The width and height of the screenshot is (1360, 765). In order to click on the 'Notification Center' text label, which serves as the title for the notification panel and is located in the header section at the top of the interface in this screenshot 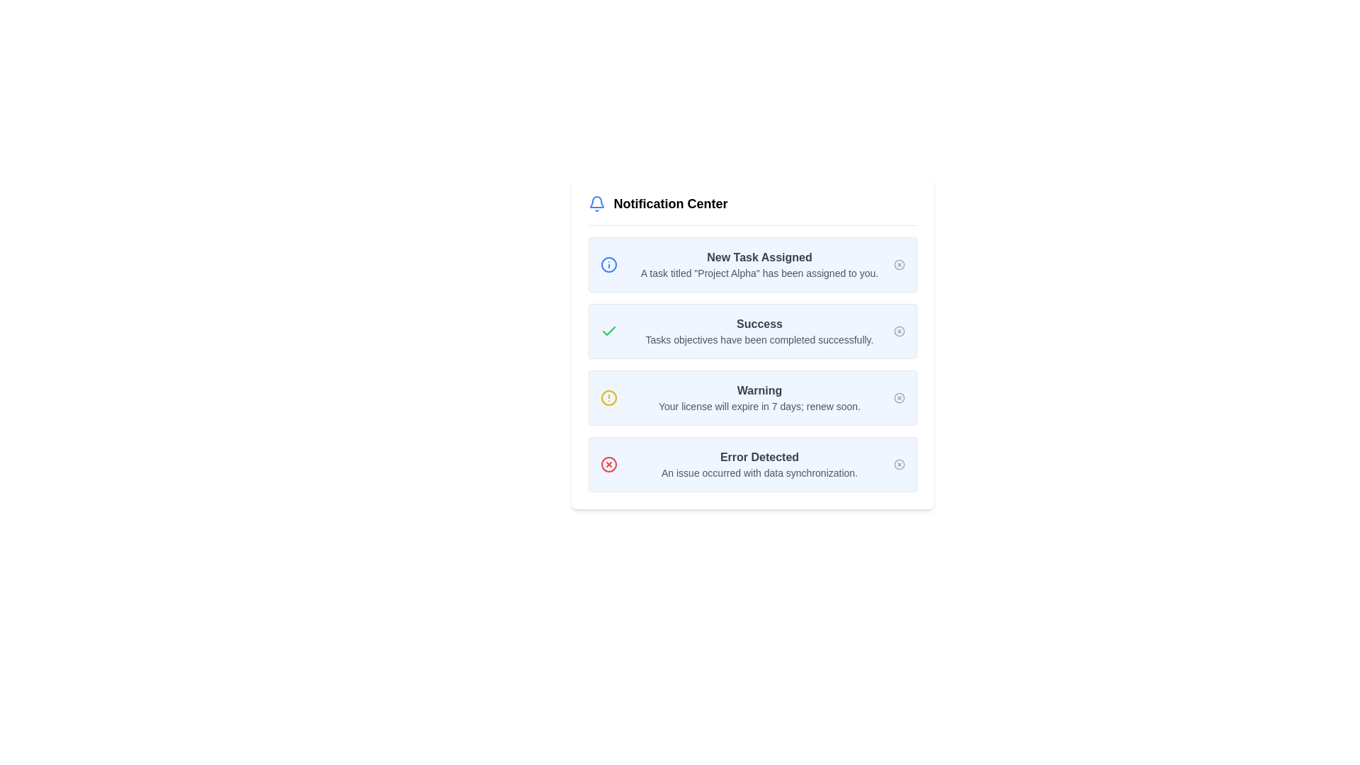, I will do `click(669, 204)`.